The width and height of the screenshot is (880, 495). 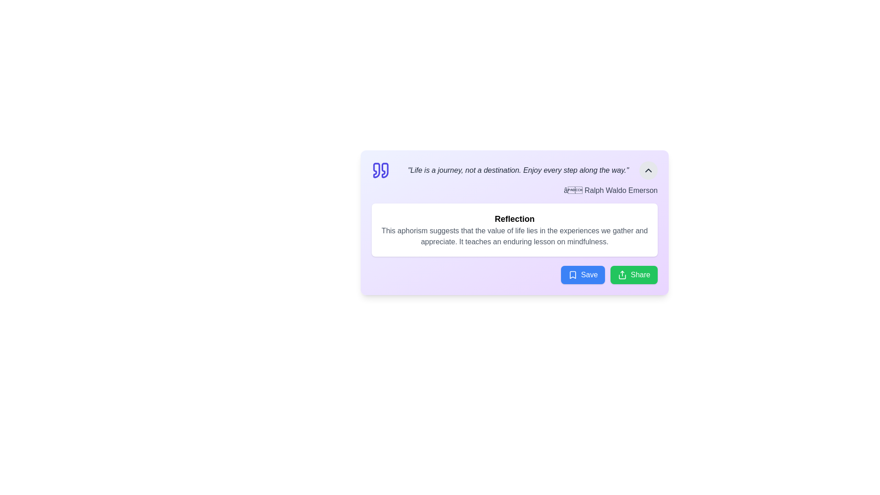 I want to click on the bookmark icon located to the left of the 'Save' text within the blue button at the bottom center of the widget, so click(x=572, y=275).